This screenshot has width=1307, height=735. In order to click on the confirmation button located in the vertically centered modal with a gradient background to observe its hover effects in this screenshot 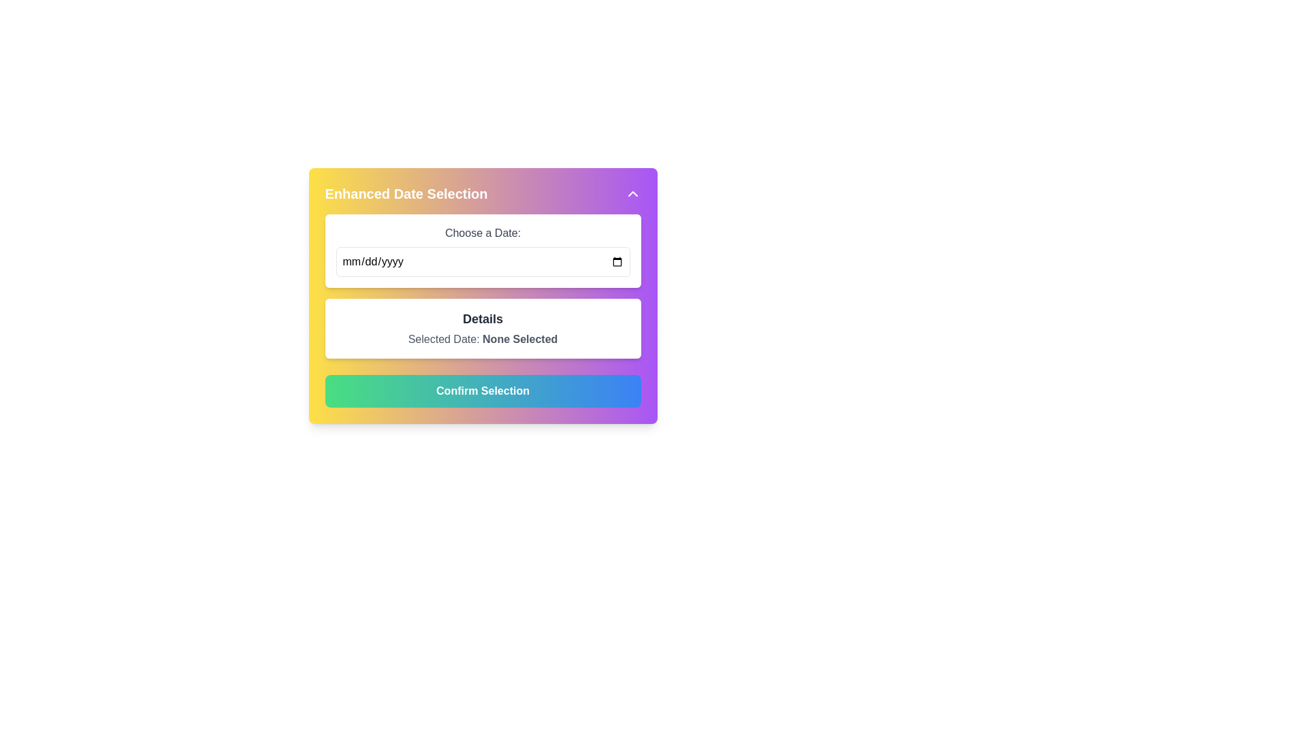, I will do `click(483, 391)`.